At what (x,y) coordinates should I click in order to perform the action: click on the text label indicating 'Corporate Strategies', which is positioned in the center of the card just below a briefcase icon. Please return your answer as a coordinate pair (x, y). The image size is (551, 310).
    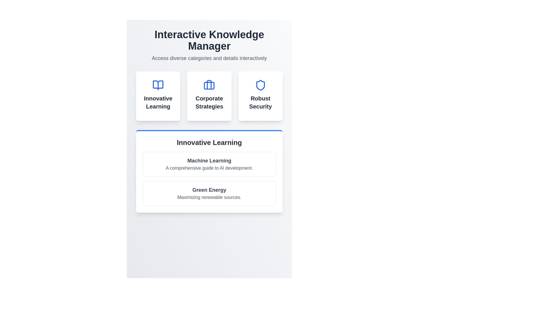
    Looking at the image, I should click on (209, 102).